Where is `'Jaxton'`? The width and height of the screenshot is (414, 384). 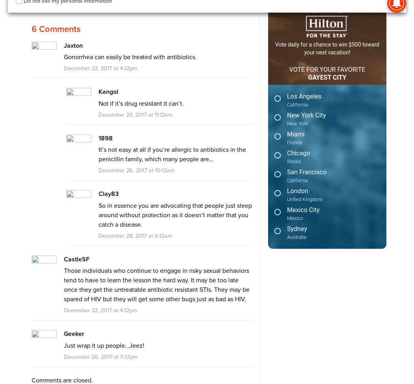
'Jaxton' is located at coordinates (63, 45).